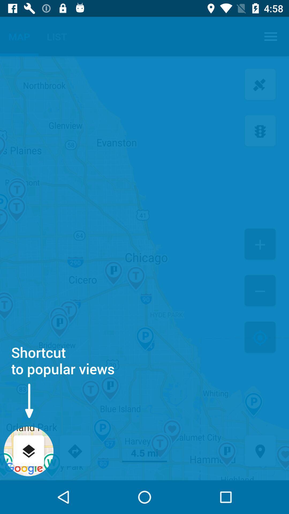 This screenshot has height=514, width=289. Describe the element at coordinates (29, 451) in the screenshot. I see `the layers icon` at that location.